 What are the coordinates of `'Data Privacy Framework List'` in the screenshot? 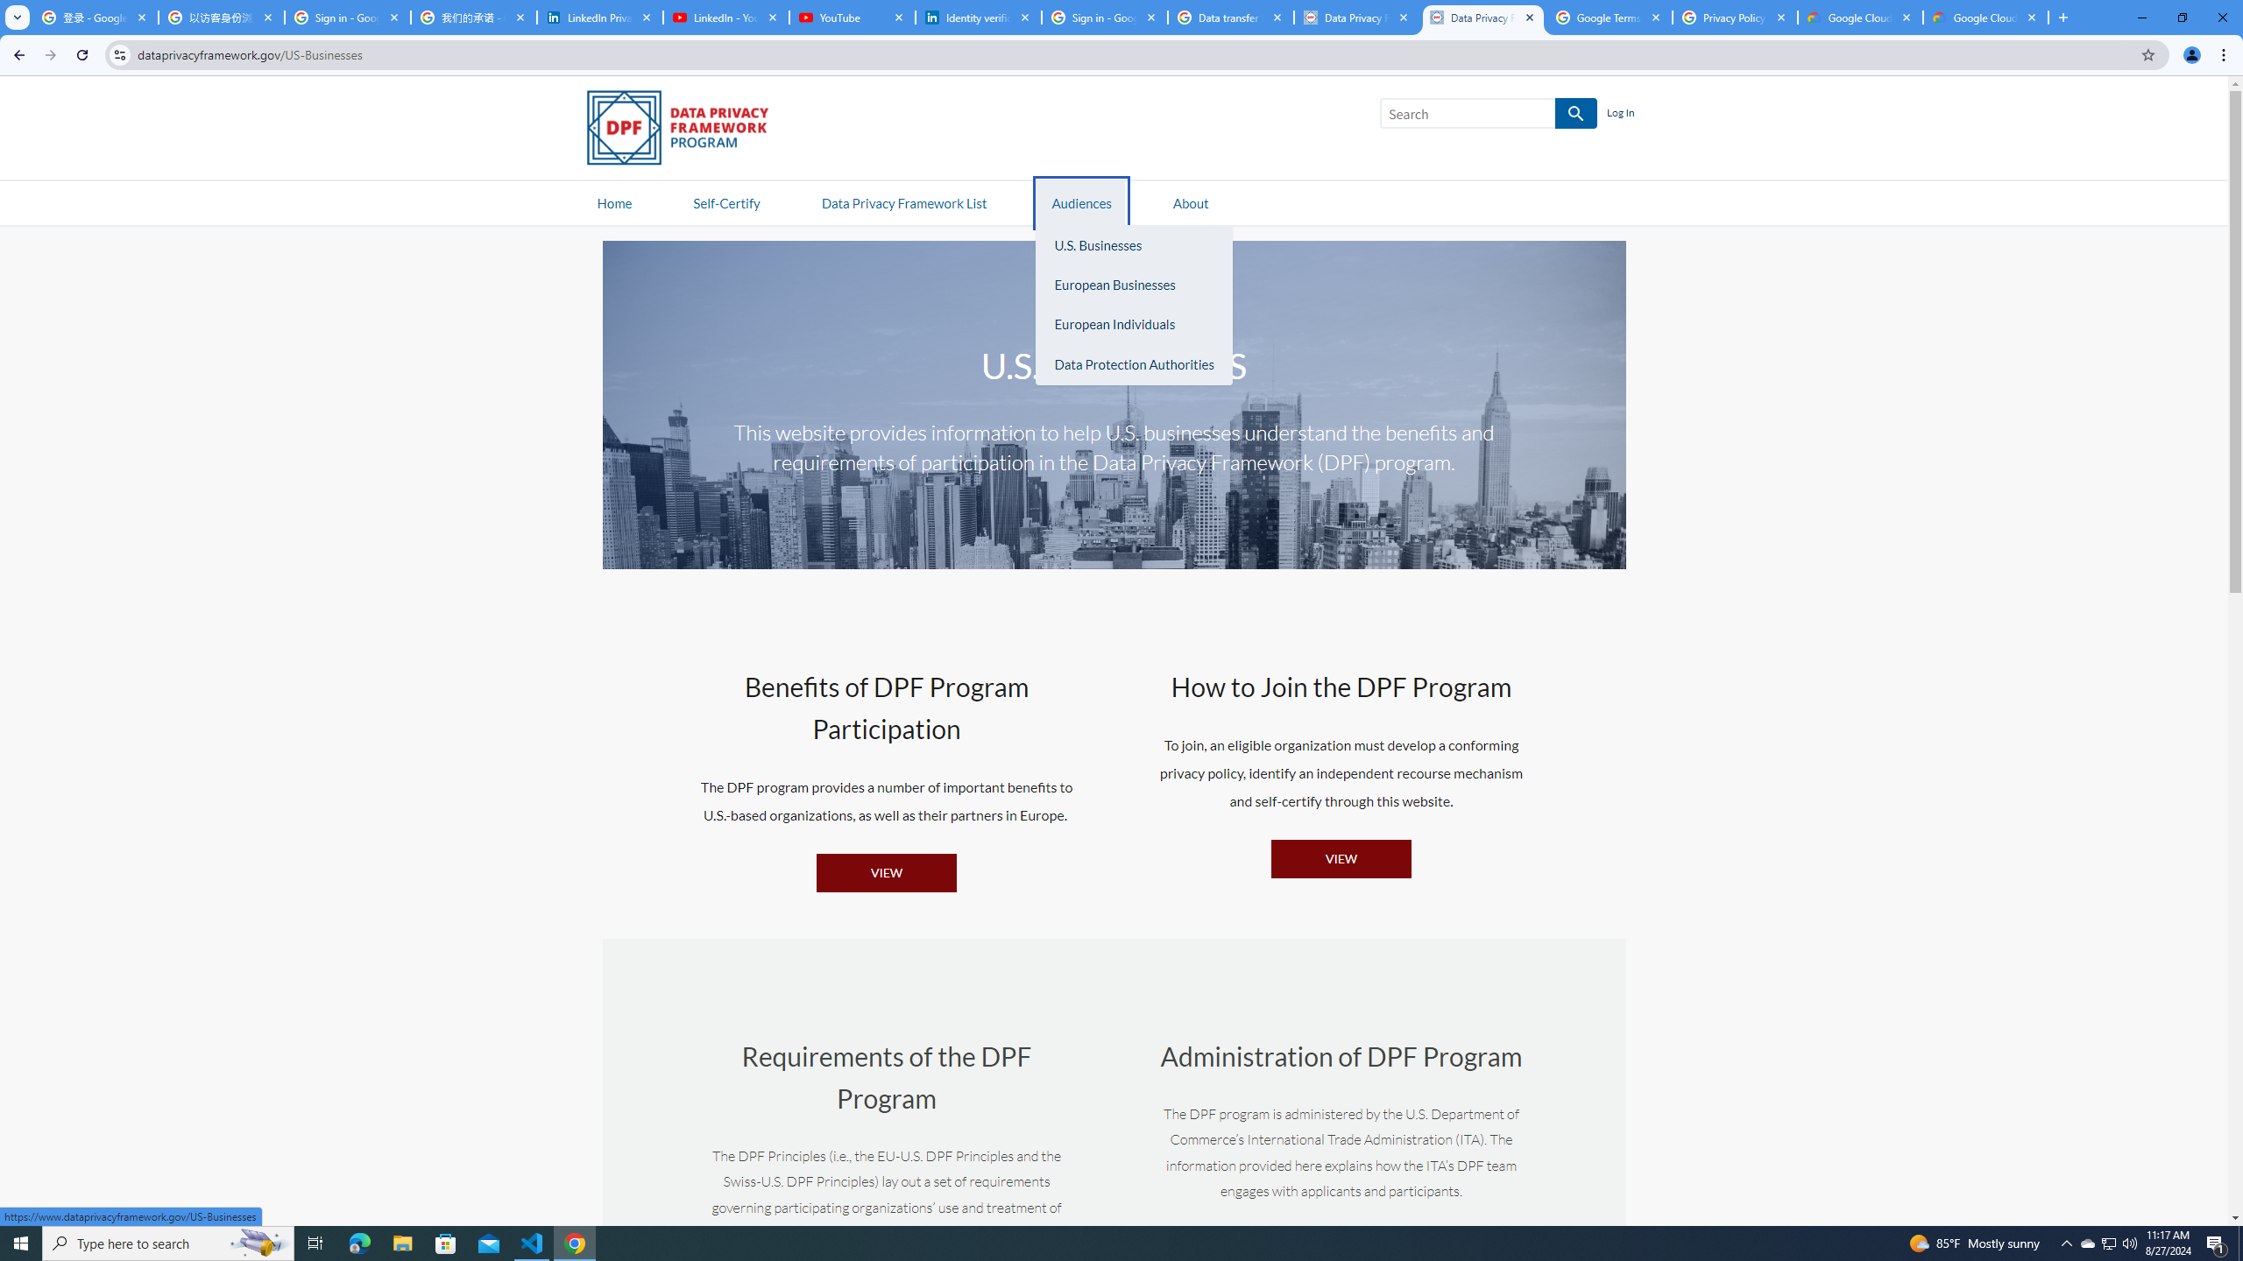 It's located at (903, 201).